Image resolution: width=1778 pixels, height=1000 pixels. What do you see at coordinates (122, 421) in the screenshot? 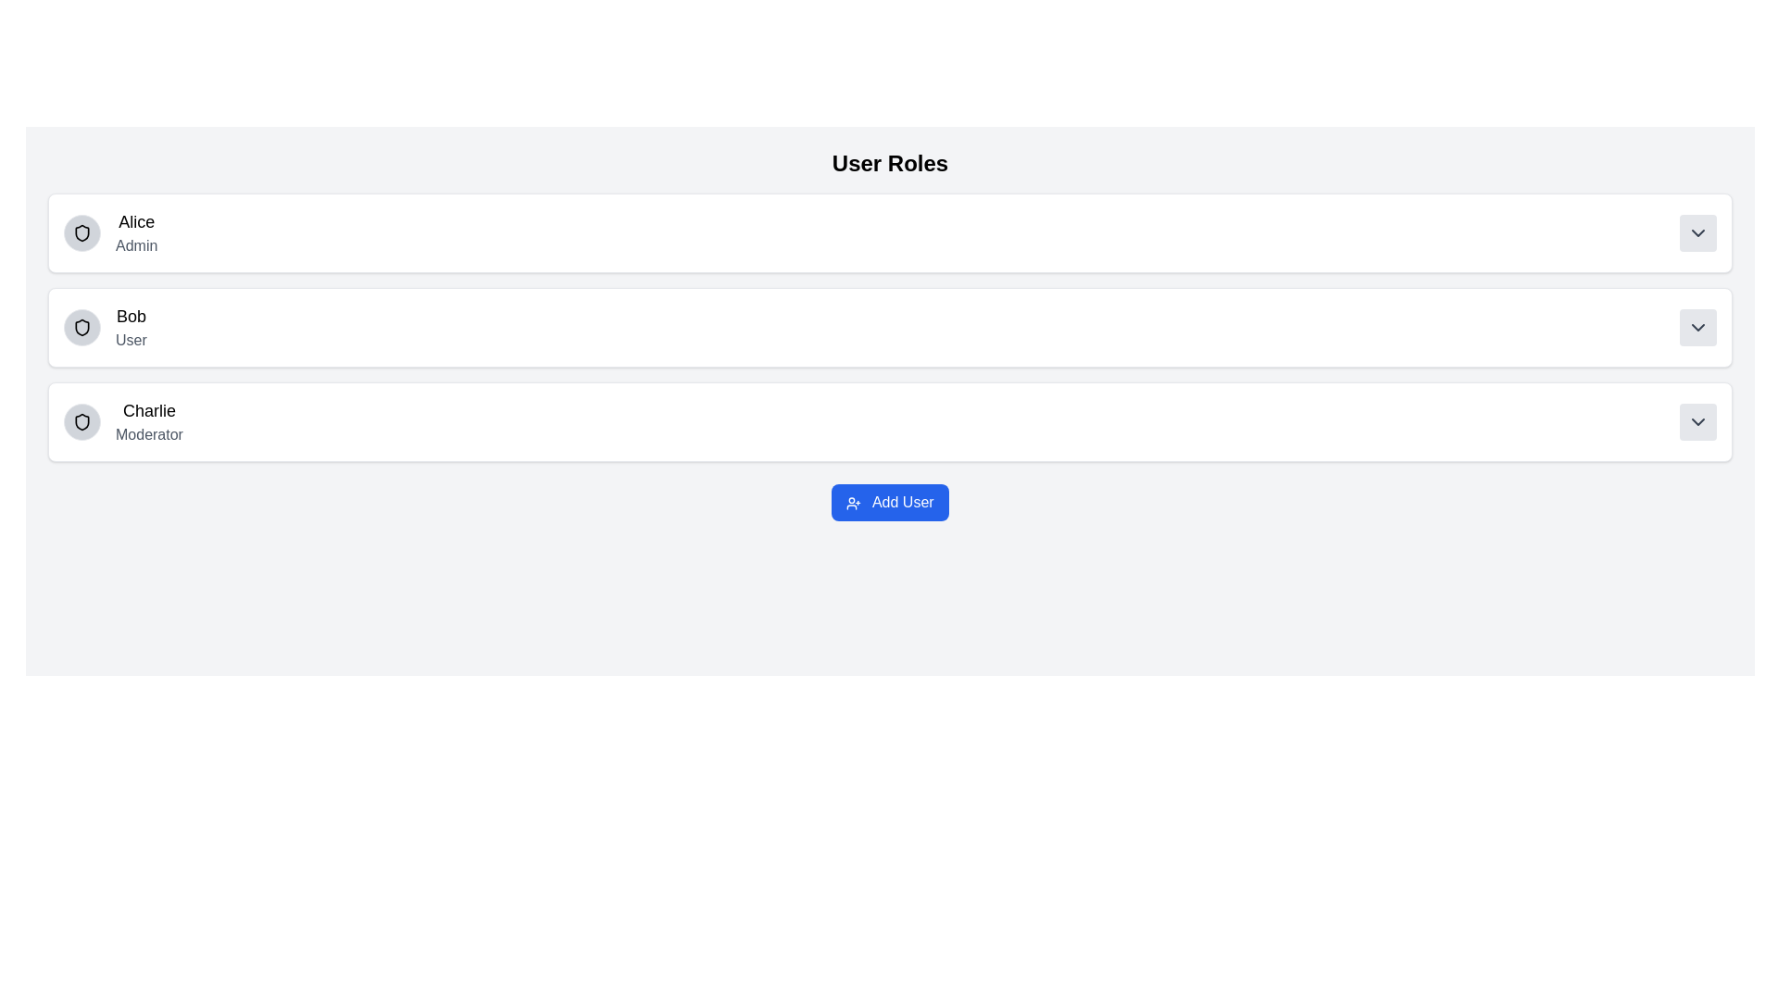
I see `the text label with the name 'Charlie' and the subtitle 'Moderator', which is located in the third row of the user roles list, accompanied by a shield icon on the left` at bounding box center [122, 421].